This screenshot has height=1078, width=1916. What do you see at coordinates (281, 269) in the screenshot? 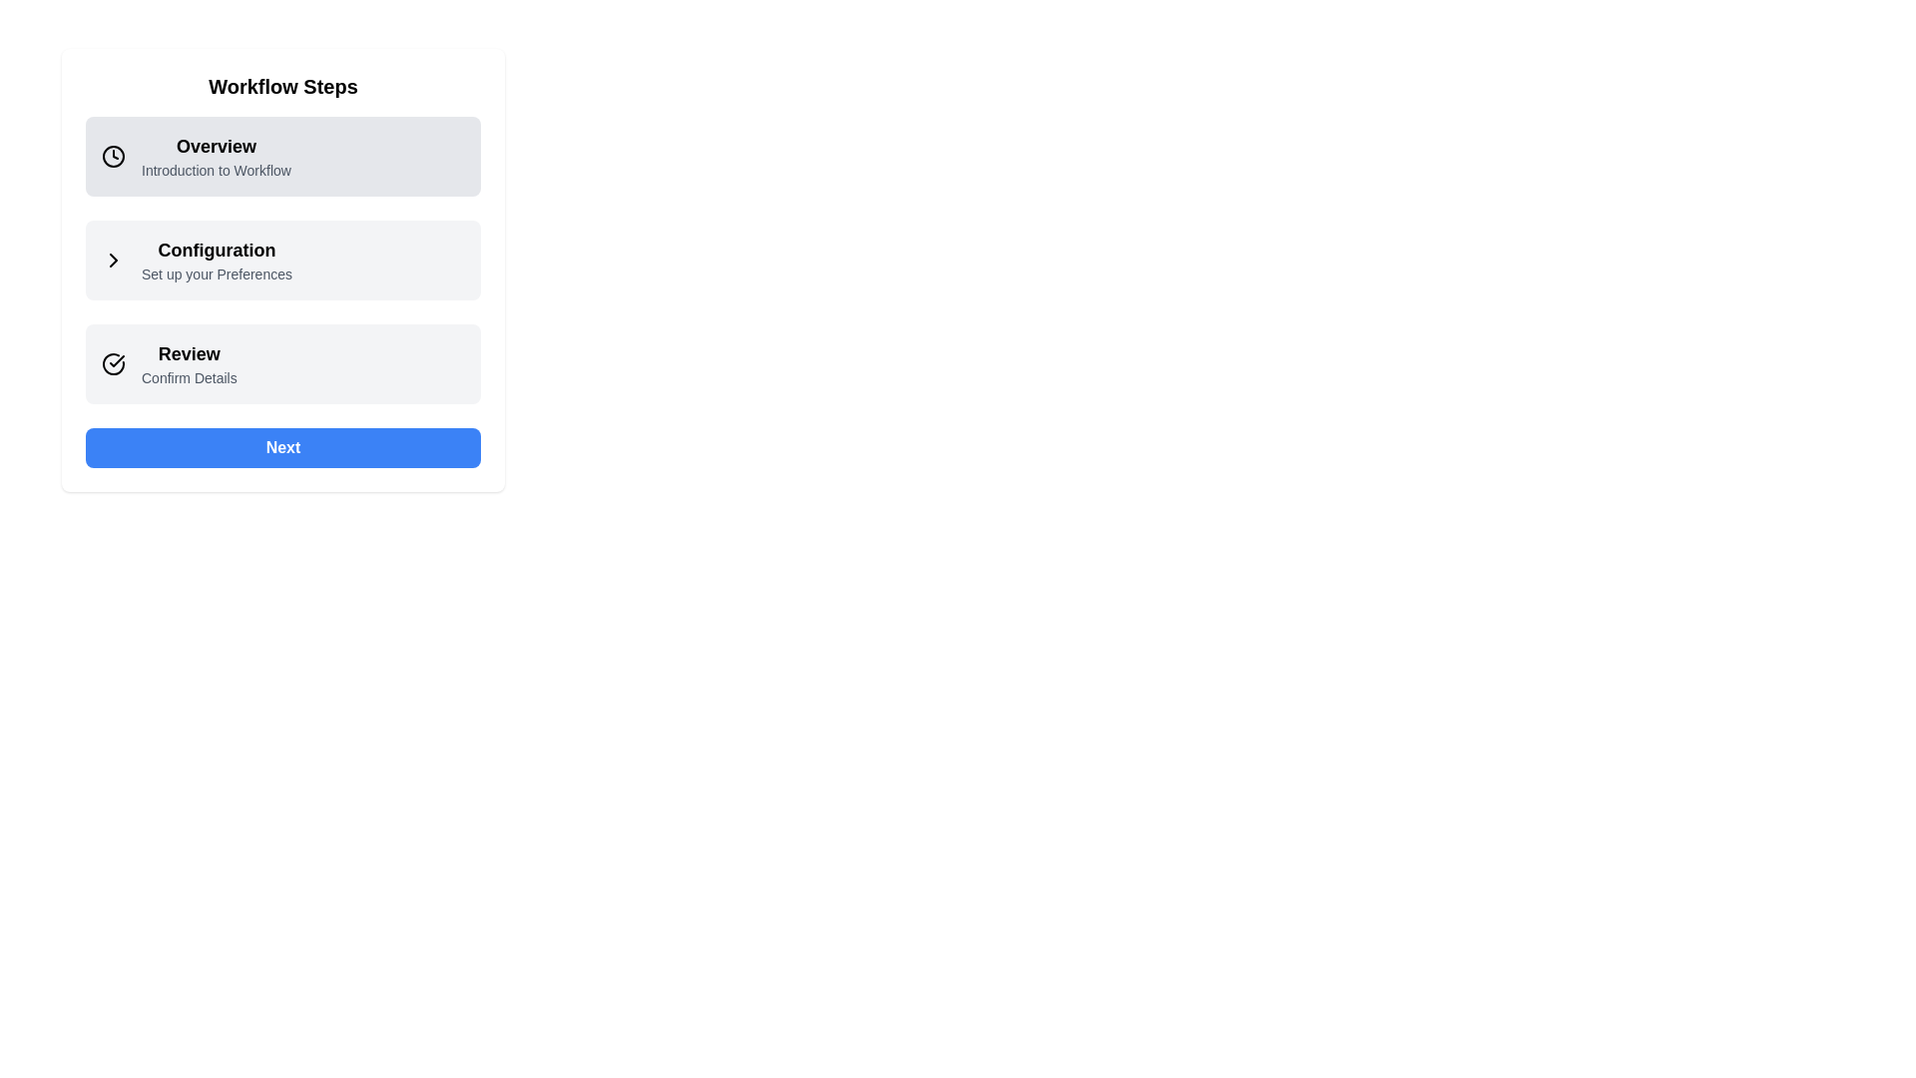
I see `the 'Overview', 'Configuration', and 'Review' steps in the 'Workflow Steps' panel for additional details` at bounding box center [281, 269].